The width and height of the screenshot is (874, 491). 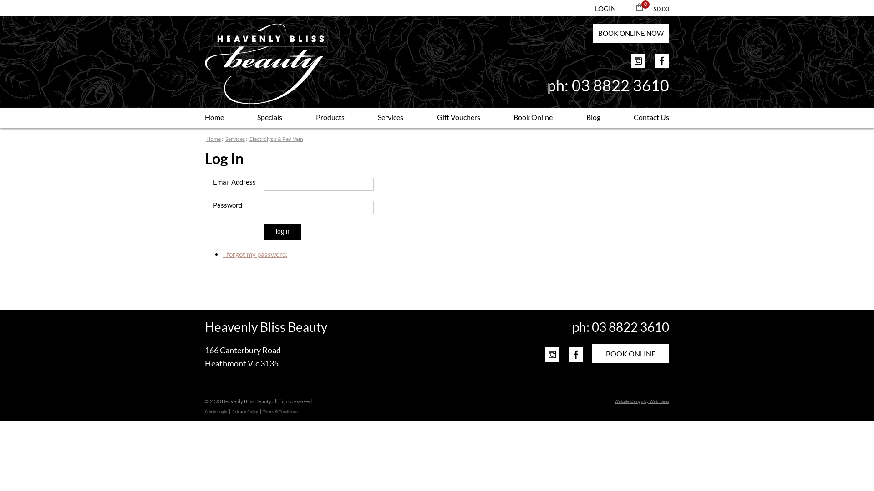 What do you see at coordinates (245, 411) in the screenshot?
I see `'Privacy Policy'` at bounding box center [245, 411].